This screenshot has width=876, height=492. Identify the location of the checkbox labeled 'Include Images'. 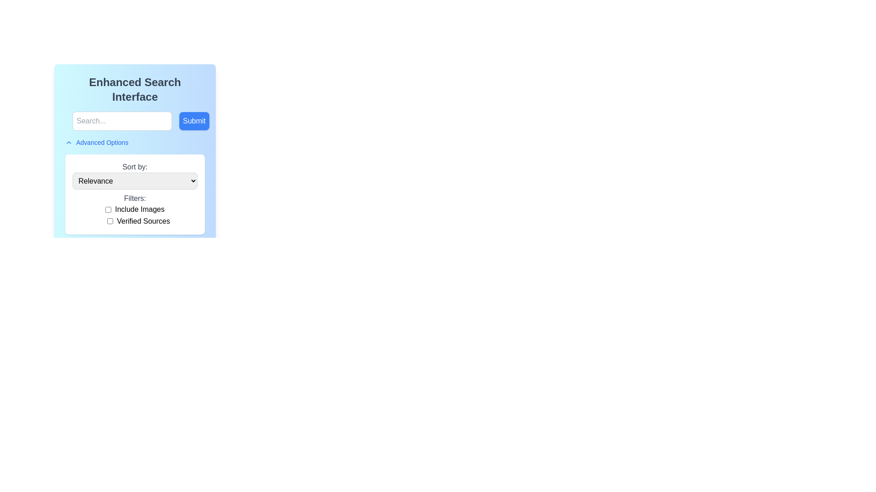
(135, 209).